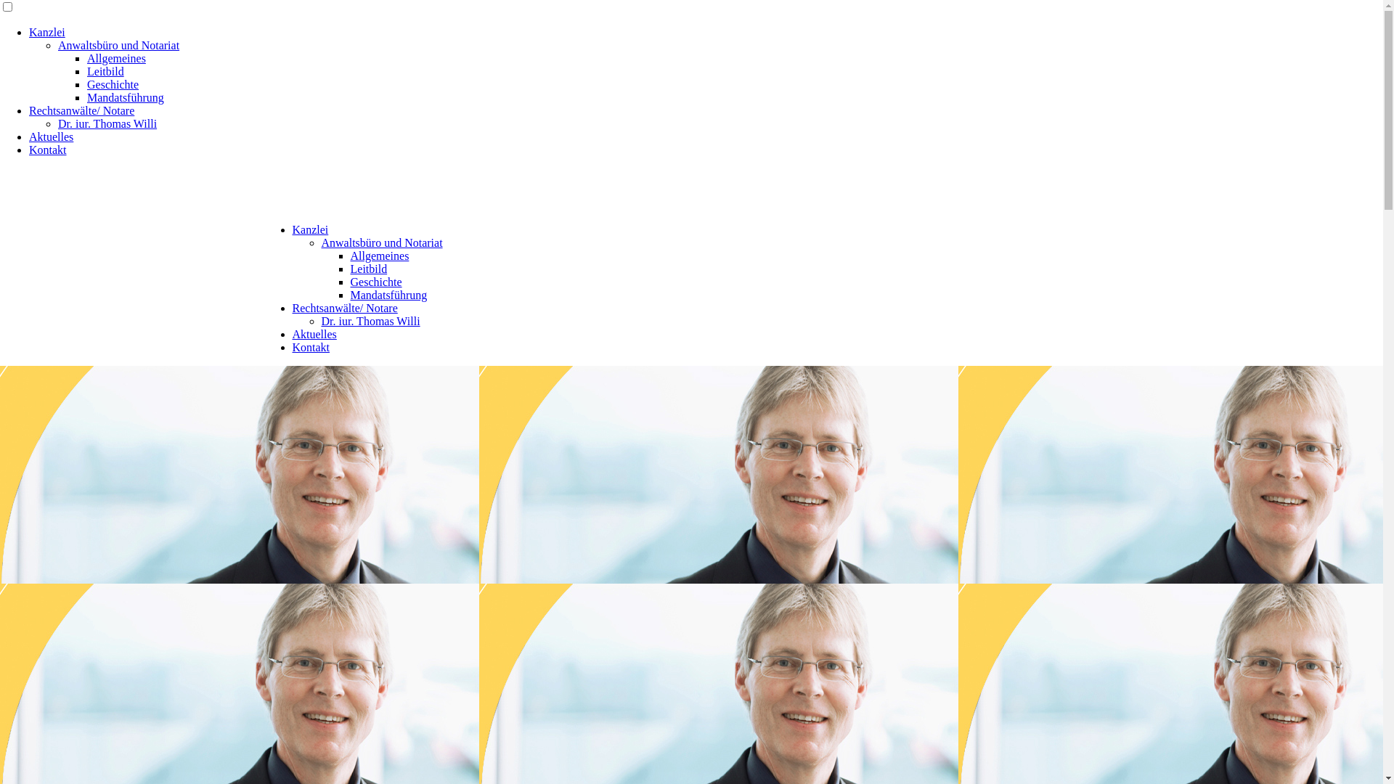 Image resolution: width=1394 pixels, height=784 pixels. I want to click on 'Leitbild', so click(368, 269).